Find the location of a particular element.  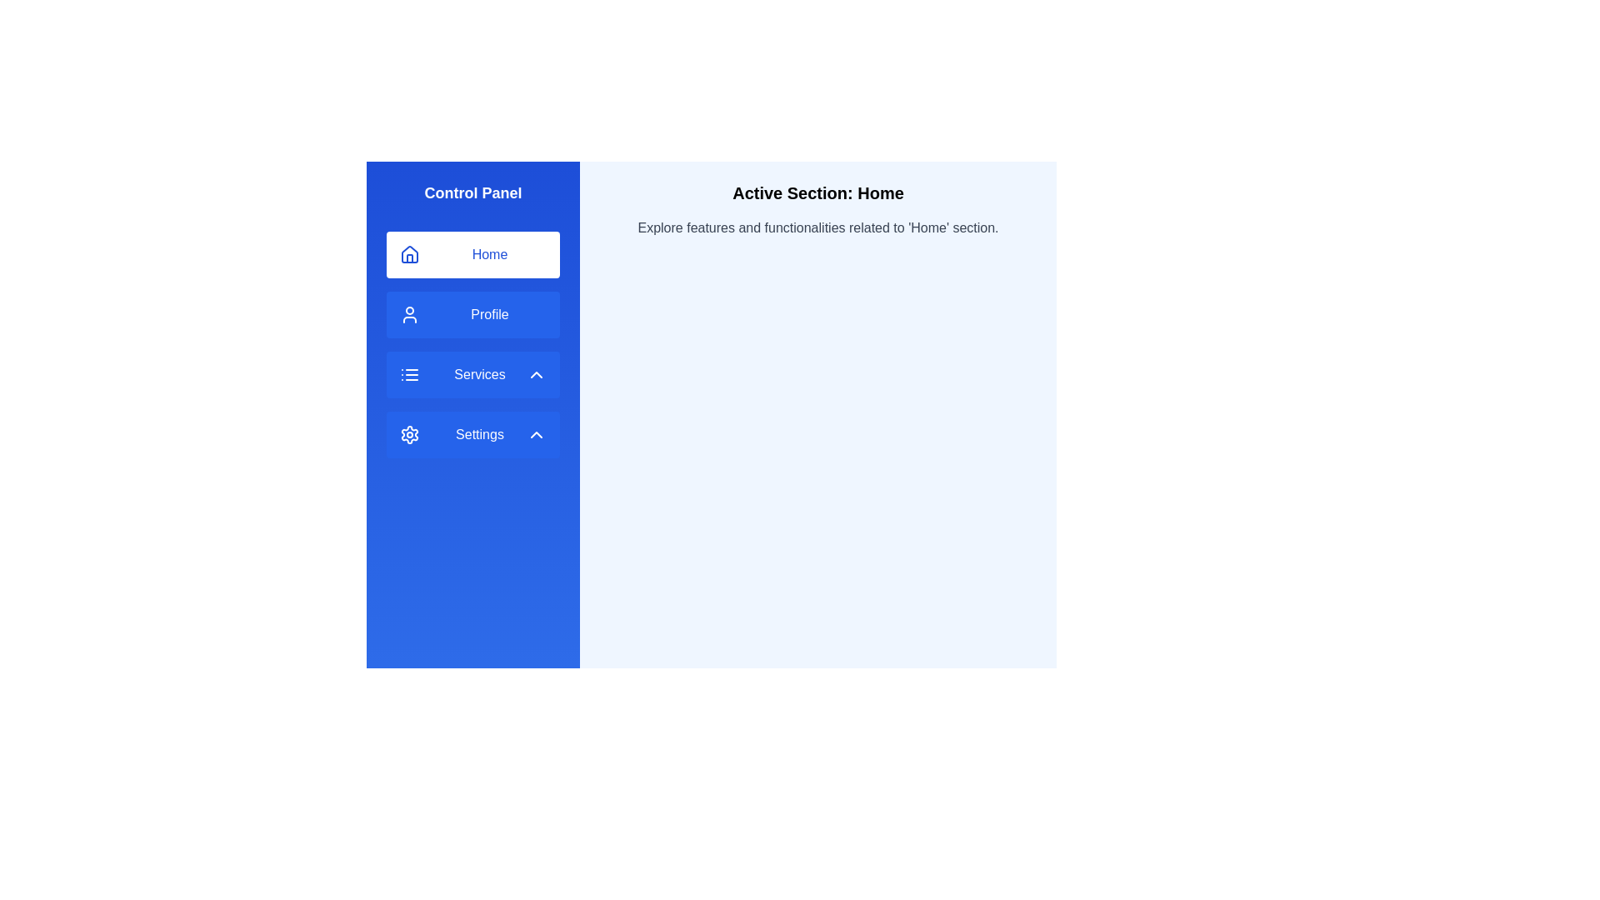

the 'Profile' button icon located in the left sidebar, which visually represents the user's profile section is located at coordinates (409, 315).